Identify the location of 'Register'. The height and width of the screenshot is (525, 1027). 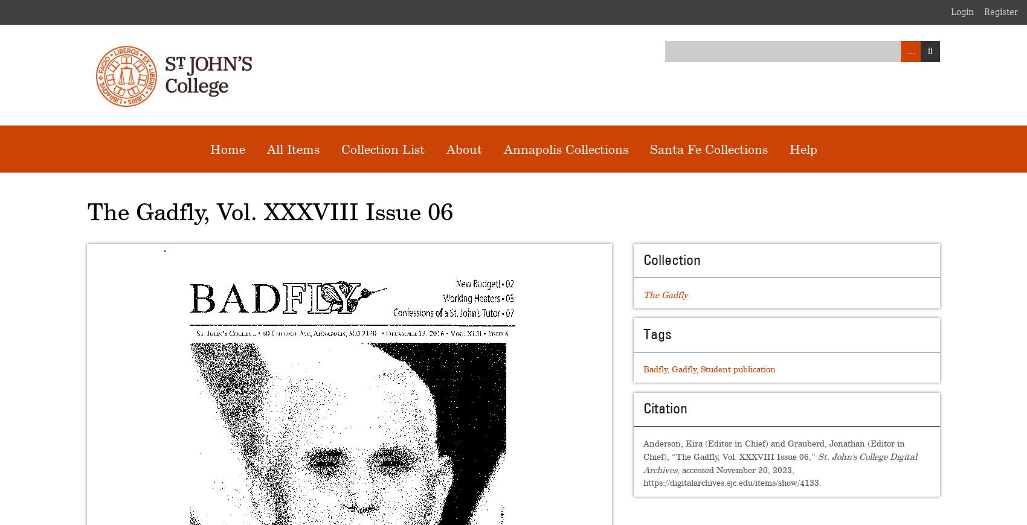
(1000, 11).